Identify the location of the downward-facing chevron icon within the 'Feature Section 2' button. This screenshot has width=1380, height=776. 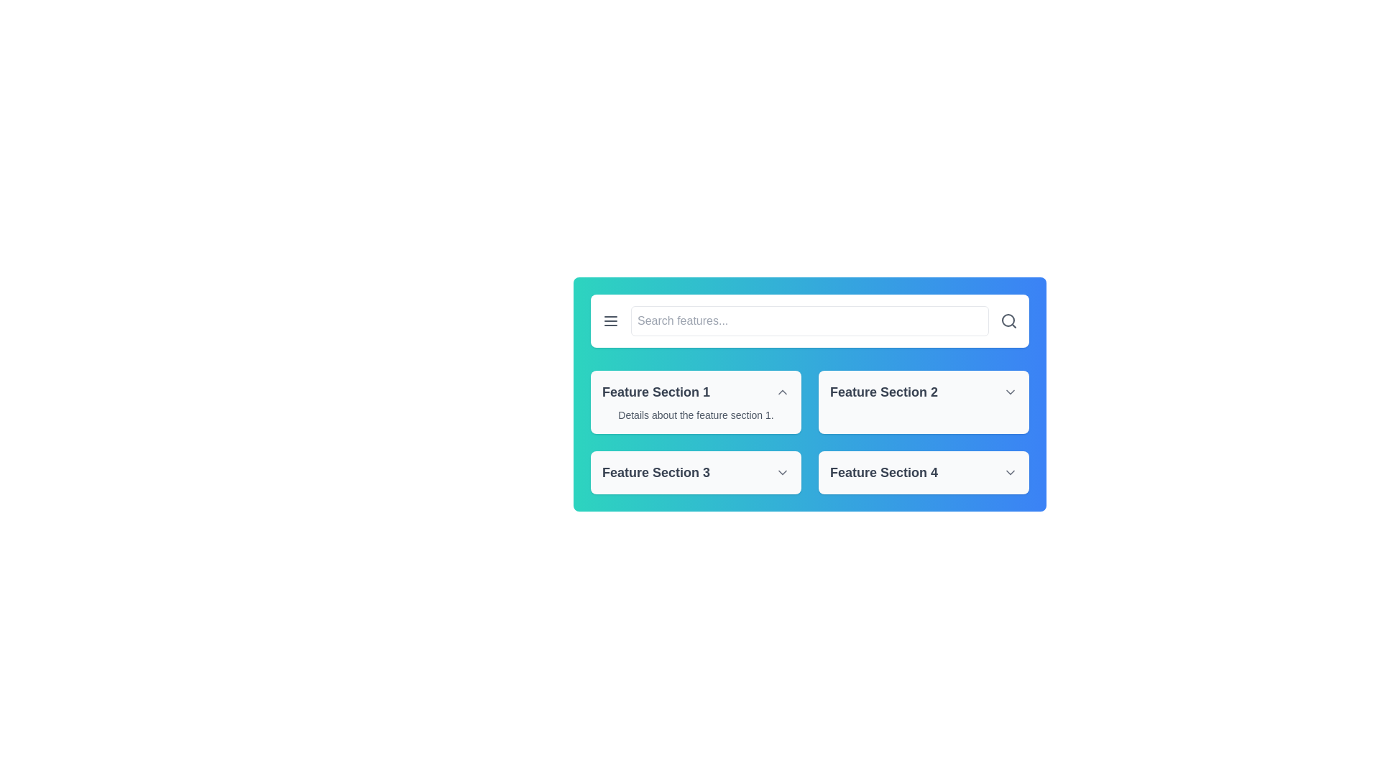
(1010, 392).